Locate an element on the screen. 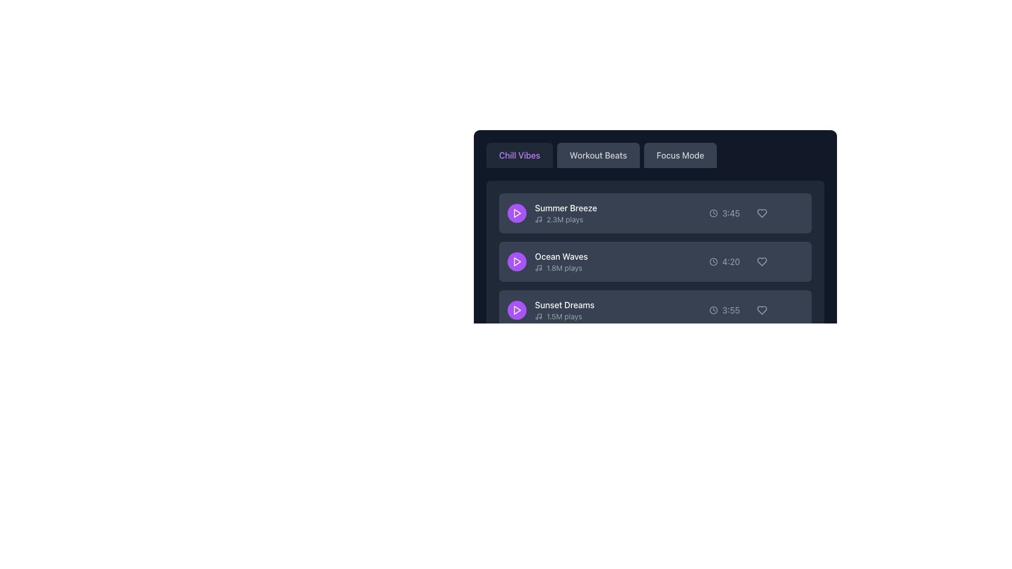  the heart-shaped icon button outlined in gray on the right side of the second item in the vertical list of musical tracks to like the item is located at coordinates (762, 261).